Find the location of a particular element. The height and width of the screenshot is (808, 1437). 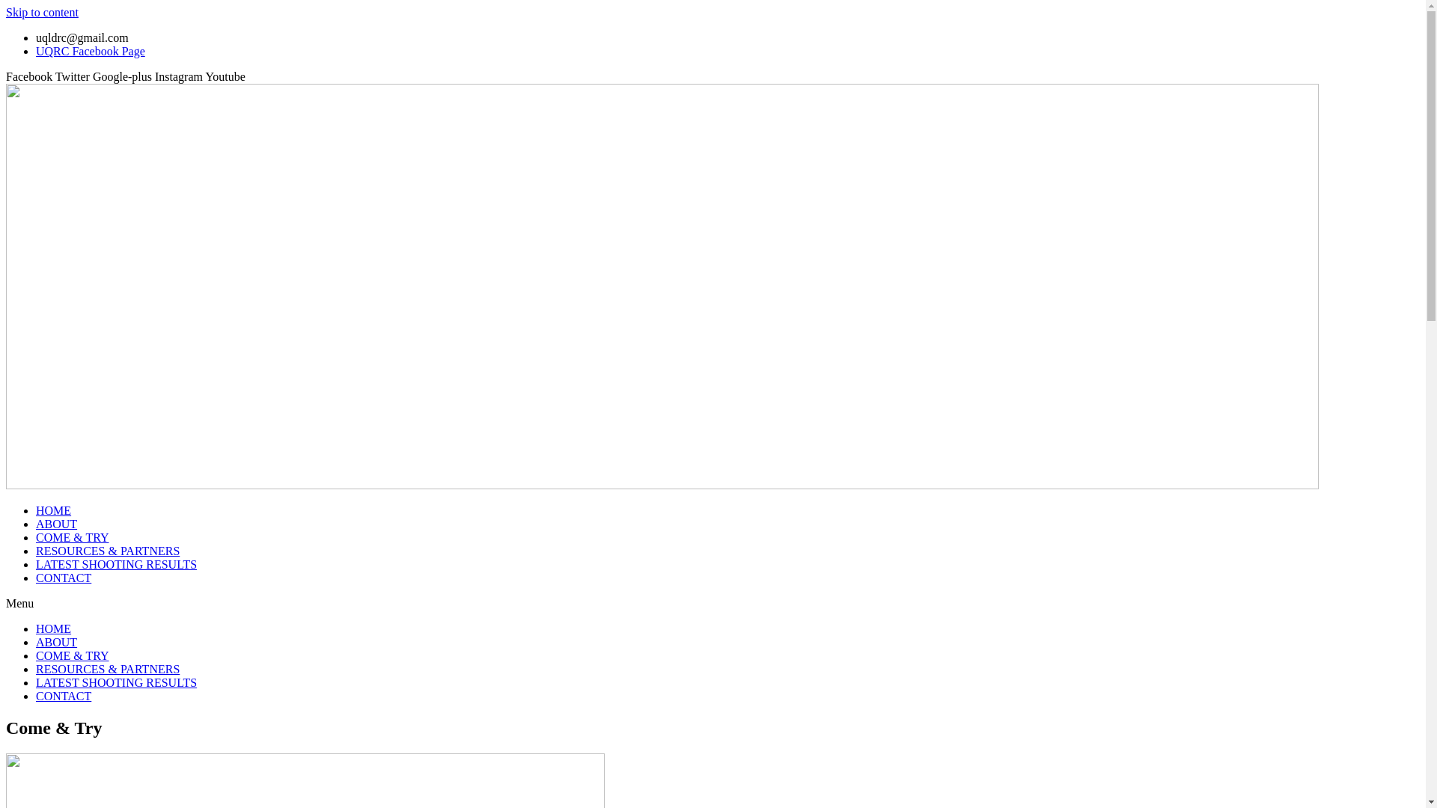

'UQRC Facebook Page' is located at coordinates (89, 50).